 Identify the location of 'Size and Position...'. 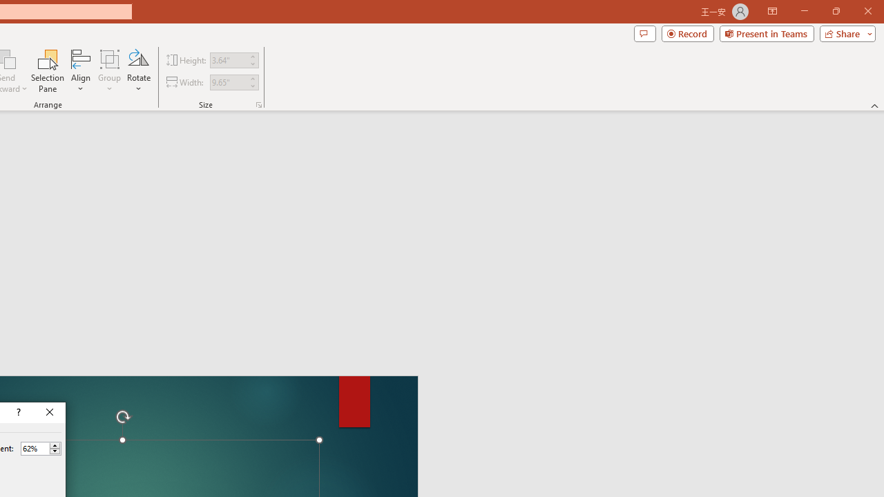
(259, 104).